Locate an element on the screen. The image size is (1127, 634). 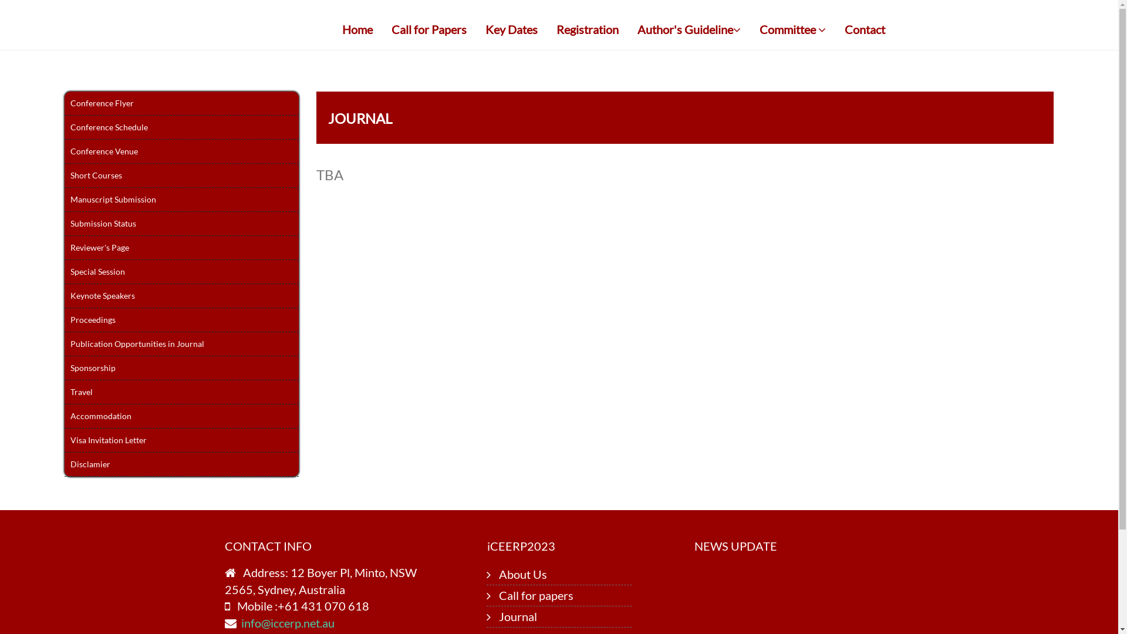
'info@iccerp.net.au' is located at coordinates (287, 622).